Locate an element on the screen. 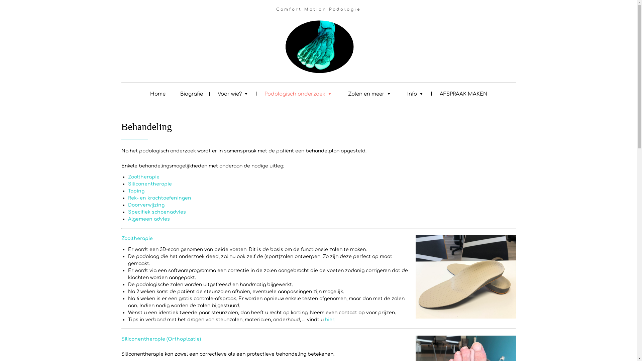 This screenshot has height=361, width=642. 'Voor wie?' is located at coordinates (233, 93).